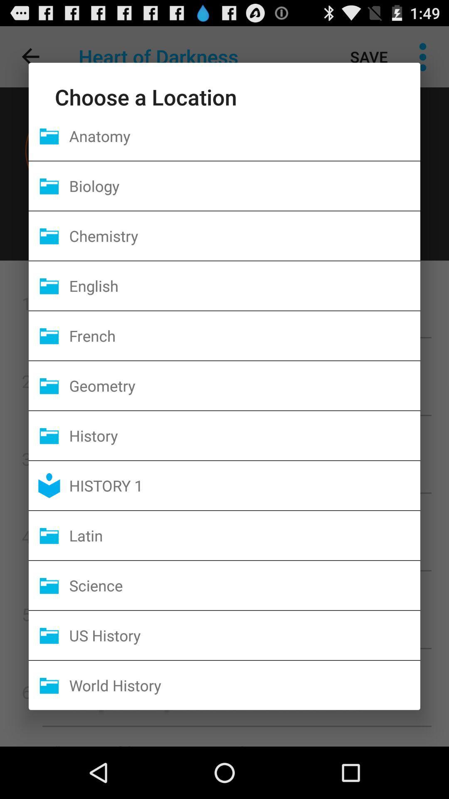  What do you see at coordinates (244, 235) in the screenshot?
I see `the chemistry item` at bounding box center [244, 235].